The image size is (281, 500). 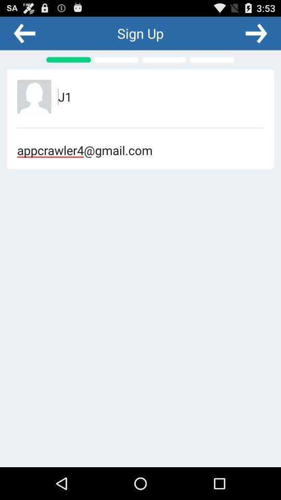 What do you see at coordinates (24, 33) in the screenshot?
I see `back` at bounding box center [24, 33].